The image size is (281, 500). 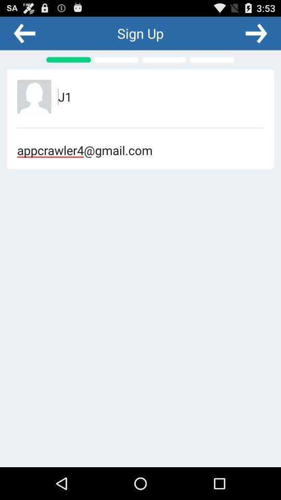 What do you see at coordinates (24, 33) in the screenshot?
I see `back` at bounding box center [24, 33].